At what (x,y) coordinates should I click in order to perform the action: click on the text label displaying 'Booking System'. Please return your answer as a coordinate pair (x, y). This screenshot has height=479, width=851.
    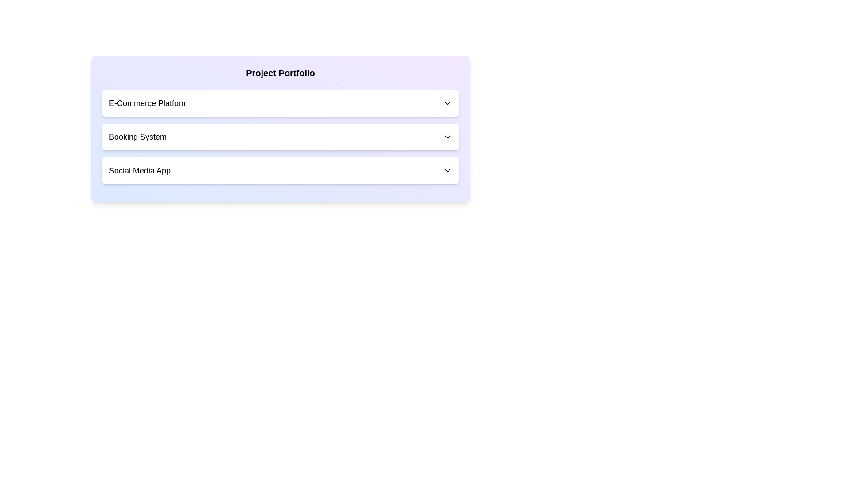
    Looking at the image, I should click on (137, 137).